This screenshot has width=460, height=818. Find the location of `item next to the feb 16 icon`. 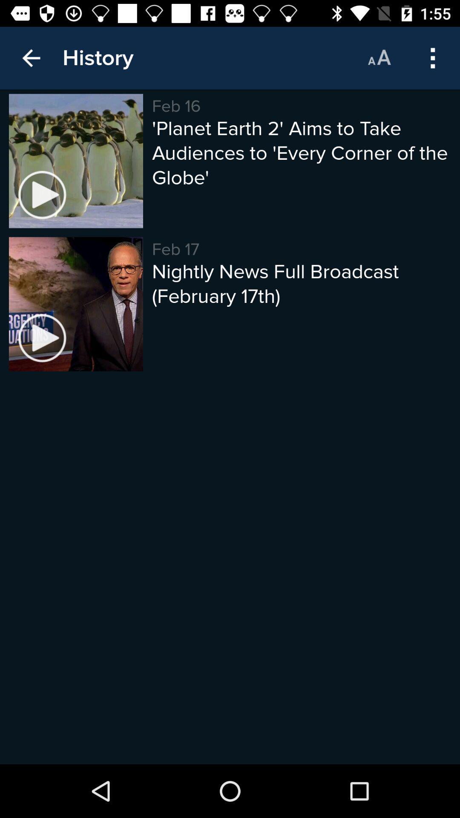

item next to the feb 16 icon is located at coordinates (98, 58).